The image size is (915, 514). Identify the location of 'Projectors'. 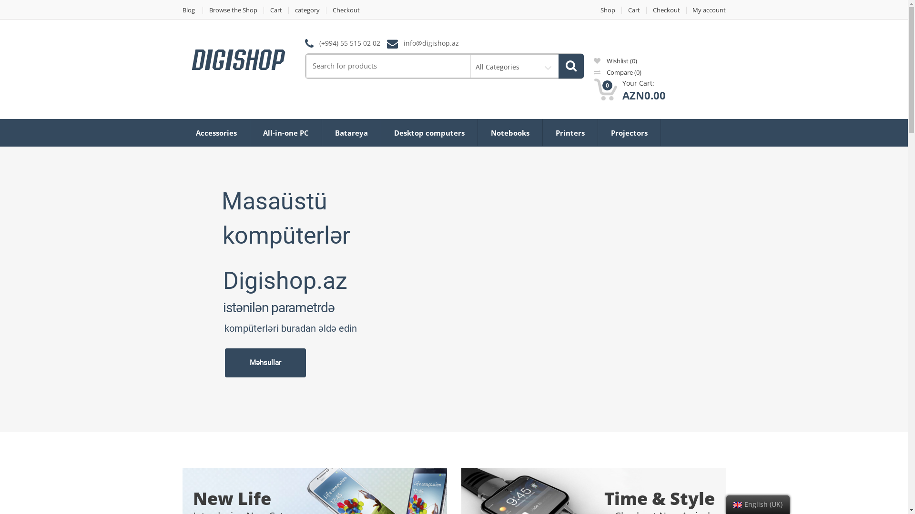
(629, 132).